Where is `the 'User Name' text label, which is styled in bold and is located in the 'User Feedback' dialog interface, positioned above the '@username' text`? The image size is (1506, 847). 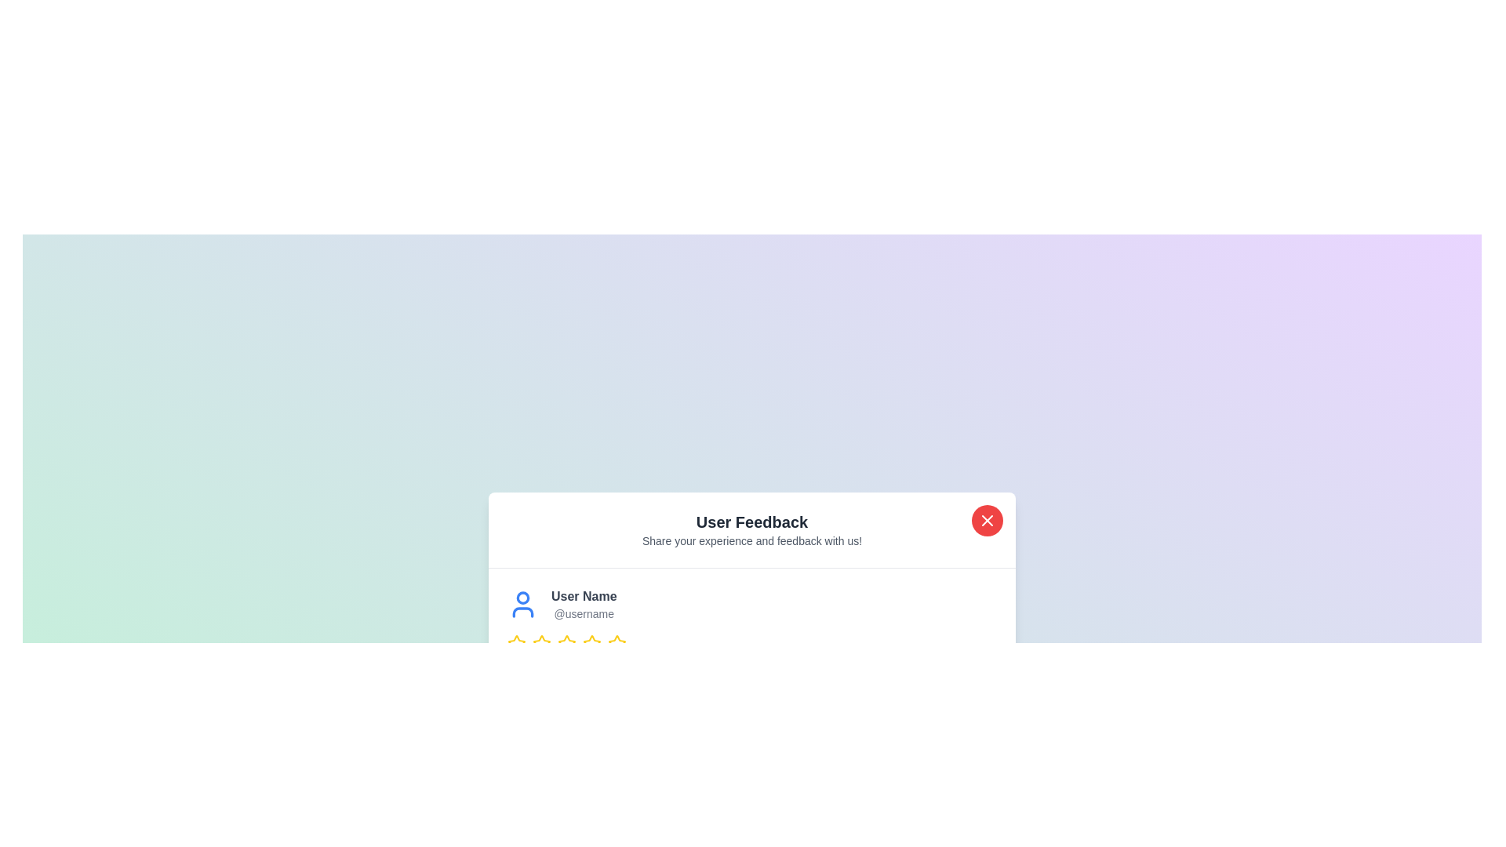
the 'User Name' text label, which is styled in bold and is located in the 'User Feedback' dialog interface, positioned above the '@username' text is located at coordinates (583, 596).